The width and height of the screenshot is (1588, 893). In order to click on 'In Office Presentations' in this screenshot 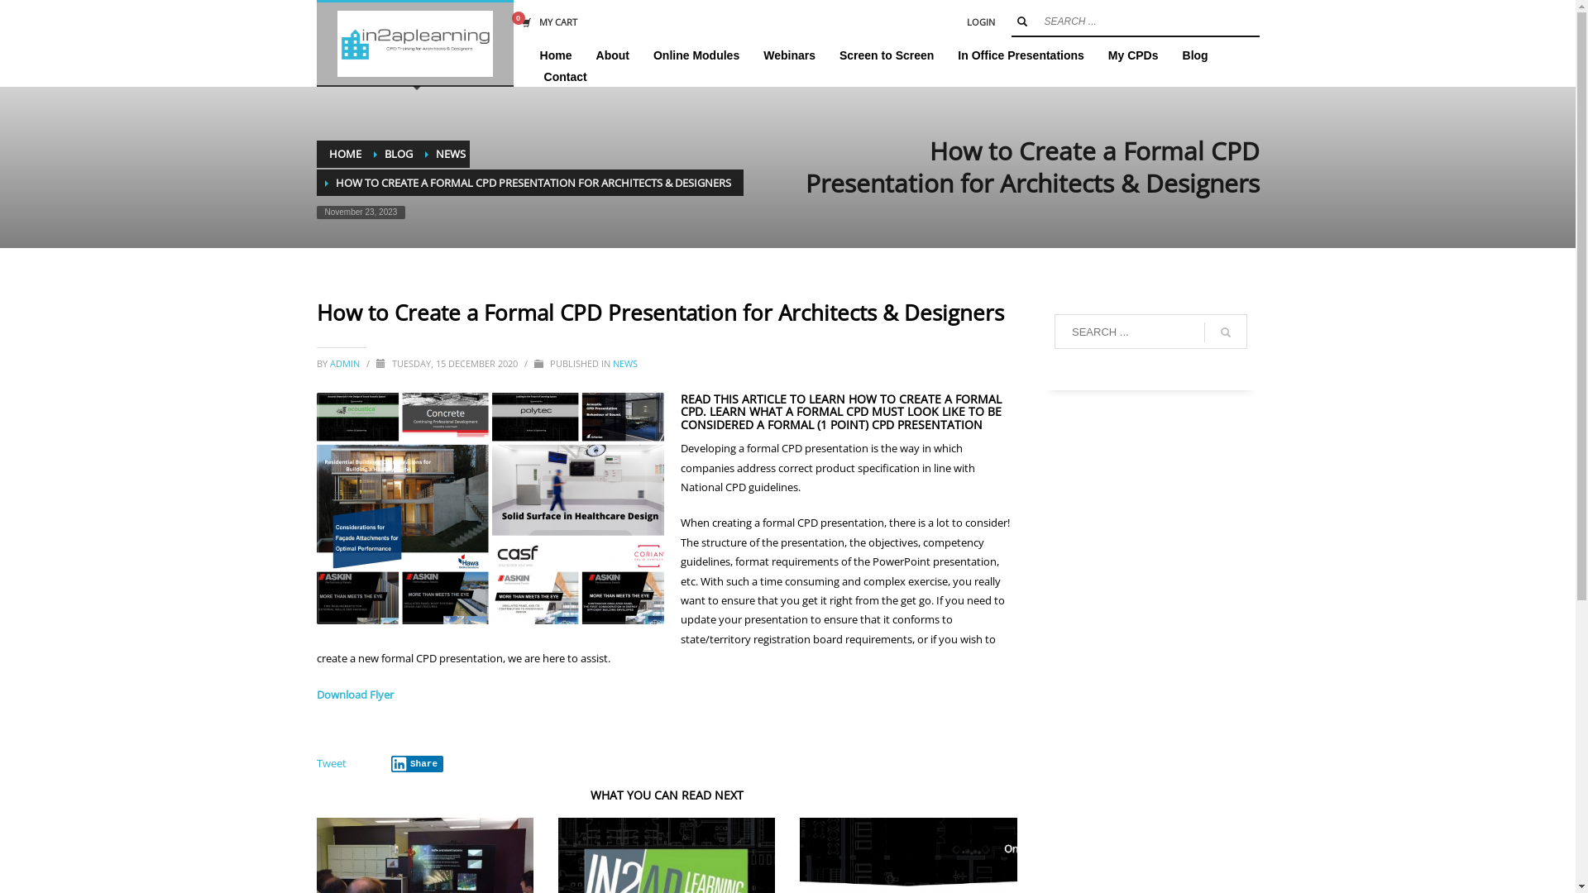, I will do `click(1019, 54)`.